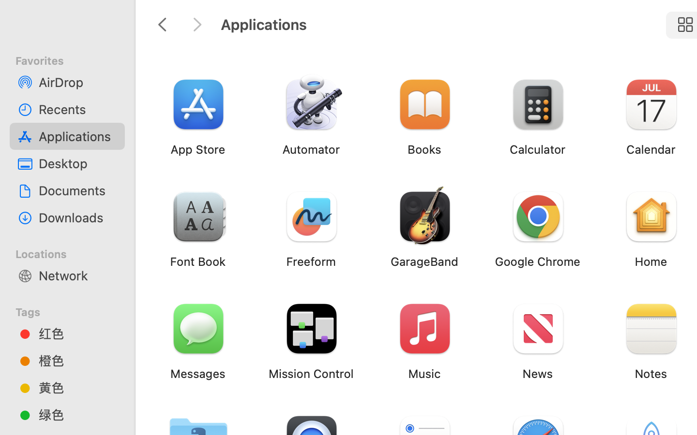  Describe the element at coordinates (77, 163) in the screenshot. I see `'Desktop'` at that location.